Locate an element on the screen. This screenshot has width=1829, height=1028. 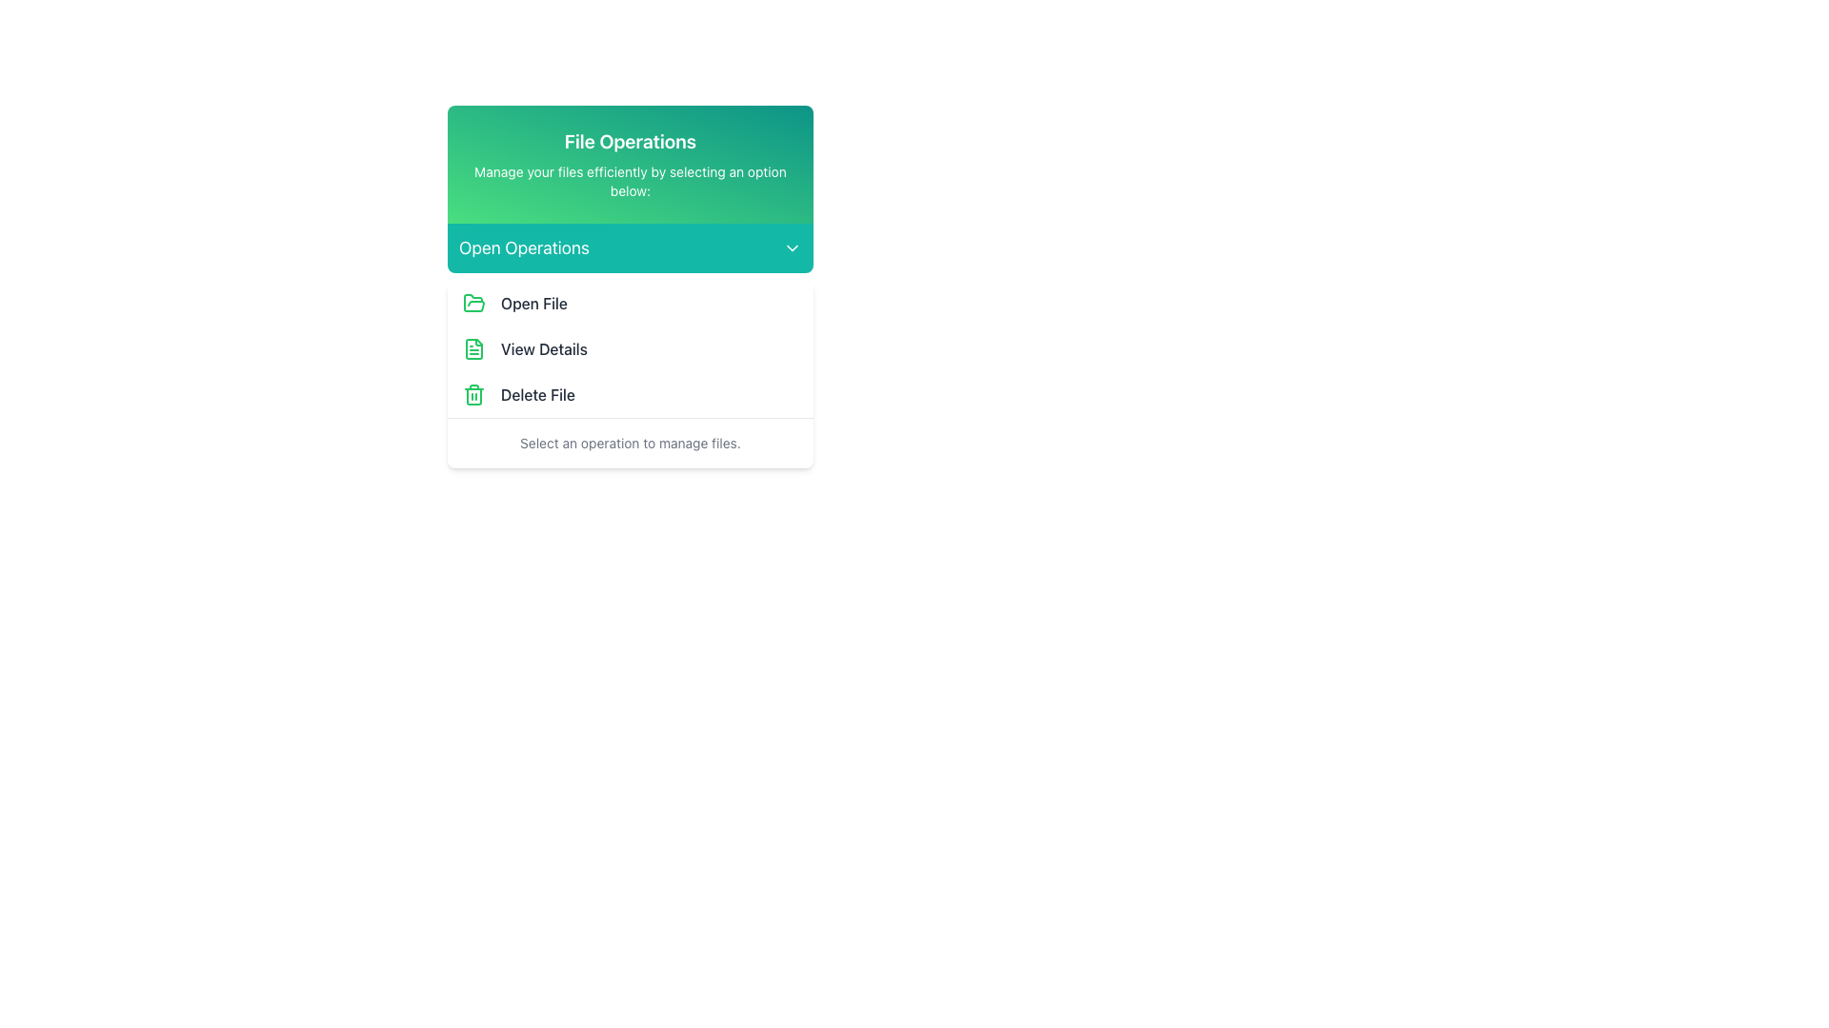
the delete option button located within the 'File Operations' card, which is the third item in the vertical list below 'View Details' to initiate the deletion process for a specific file is located at coordinates (631, 394).